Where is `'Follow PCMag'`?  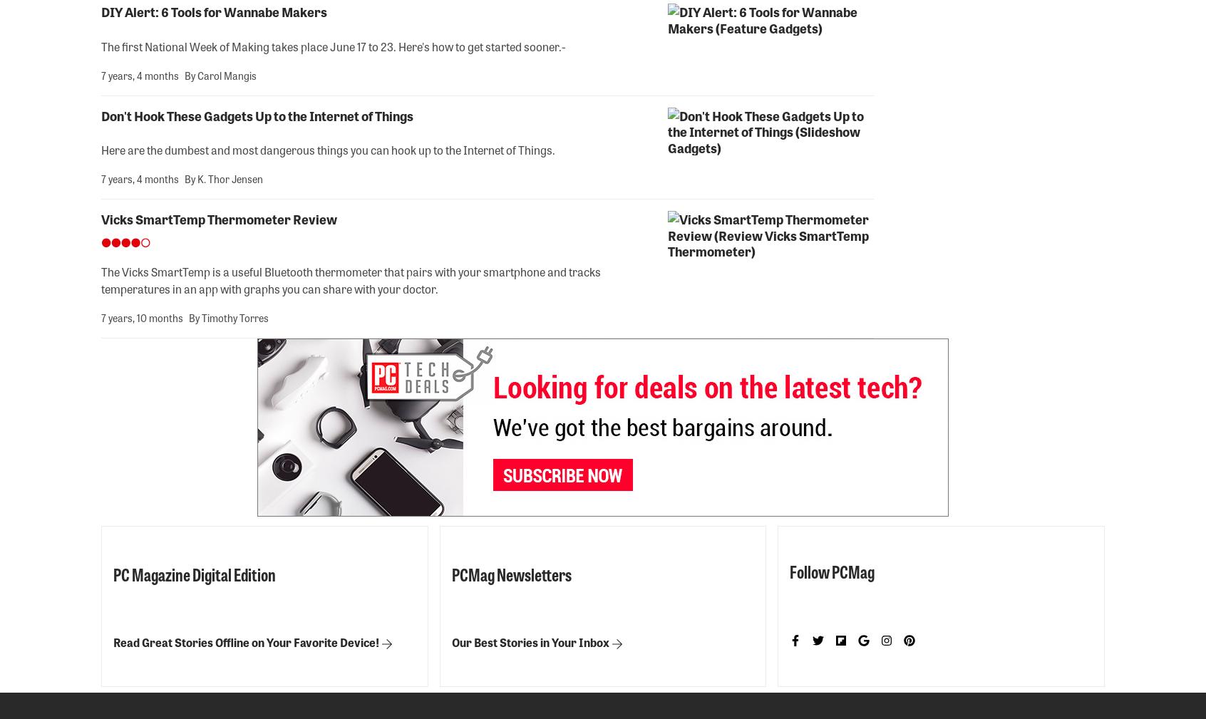
'Follow PCMag' is located at coordinates (831, 570).